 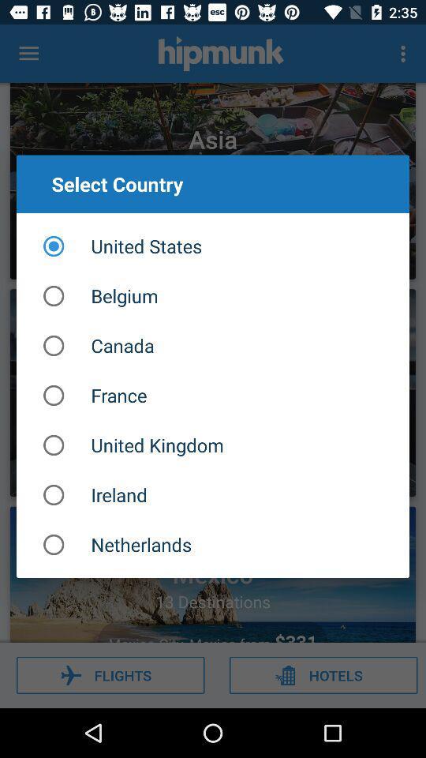 I want to click on the belgium, so click(x=213, y=295).